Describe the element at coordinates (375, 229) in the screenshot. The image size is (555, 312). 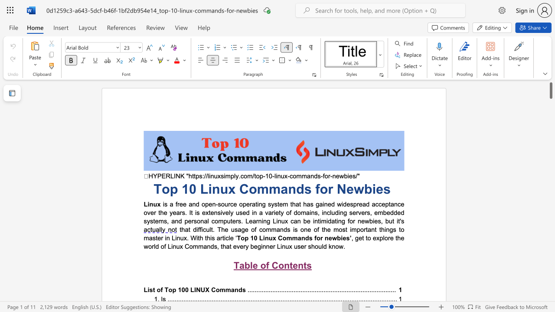
I see `the 4th character "t" in the text` at that location.